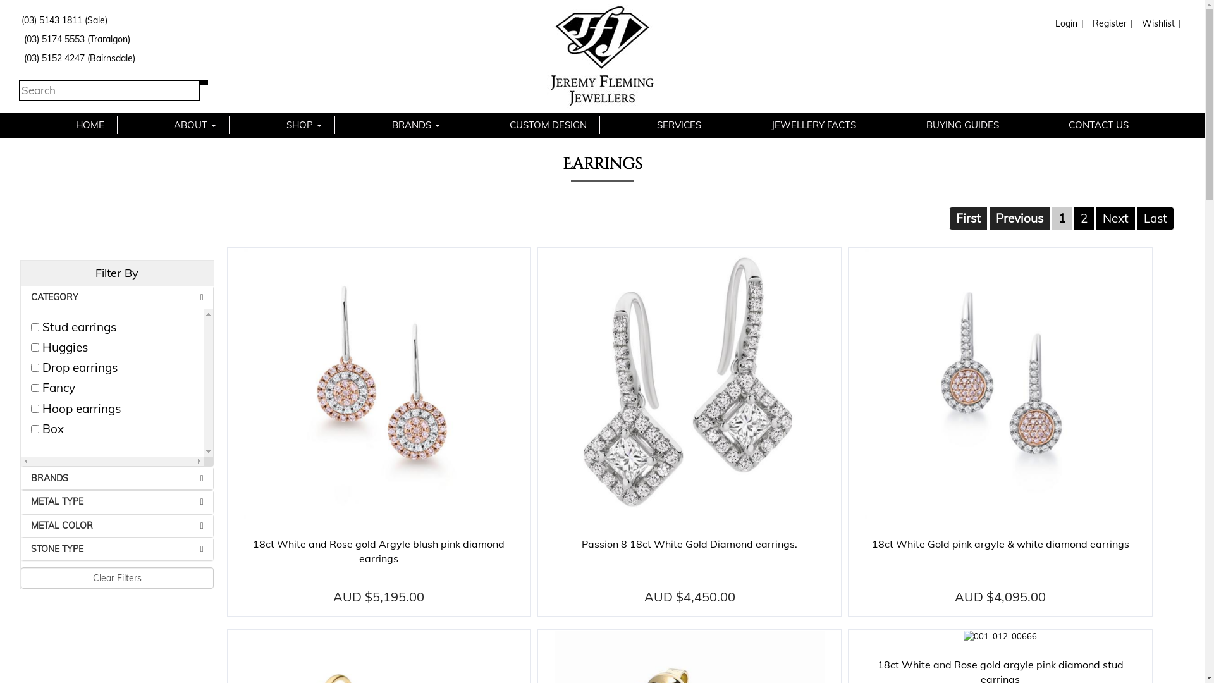  I want to click on 'Register', so click(1107, 23).